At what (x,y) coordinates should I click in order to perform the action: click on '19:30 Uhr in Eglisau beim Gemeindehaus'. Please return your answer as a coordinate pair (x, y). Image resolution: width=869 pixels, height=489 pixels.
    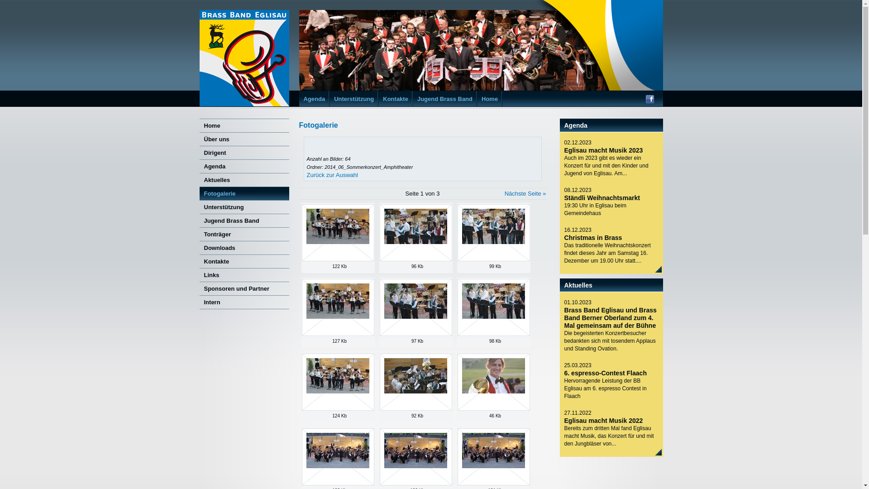
    Looking at the image, I should click on (611, 209).